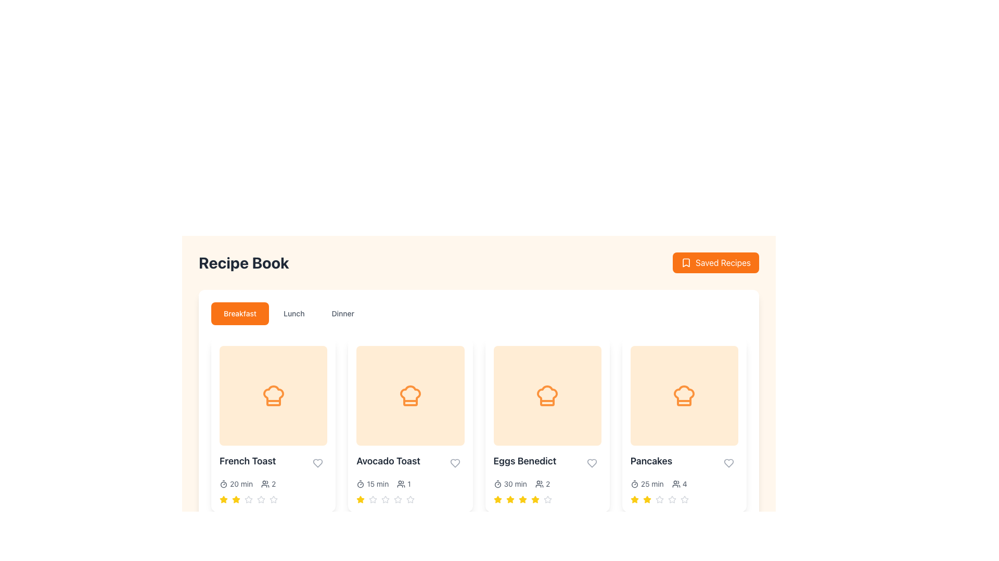 This screenshot has width=999, height=561. I want to click on the inactive heart-shaped icon located at the bottom-right corner of the 'Pancakes' section, so click(728, 462).